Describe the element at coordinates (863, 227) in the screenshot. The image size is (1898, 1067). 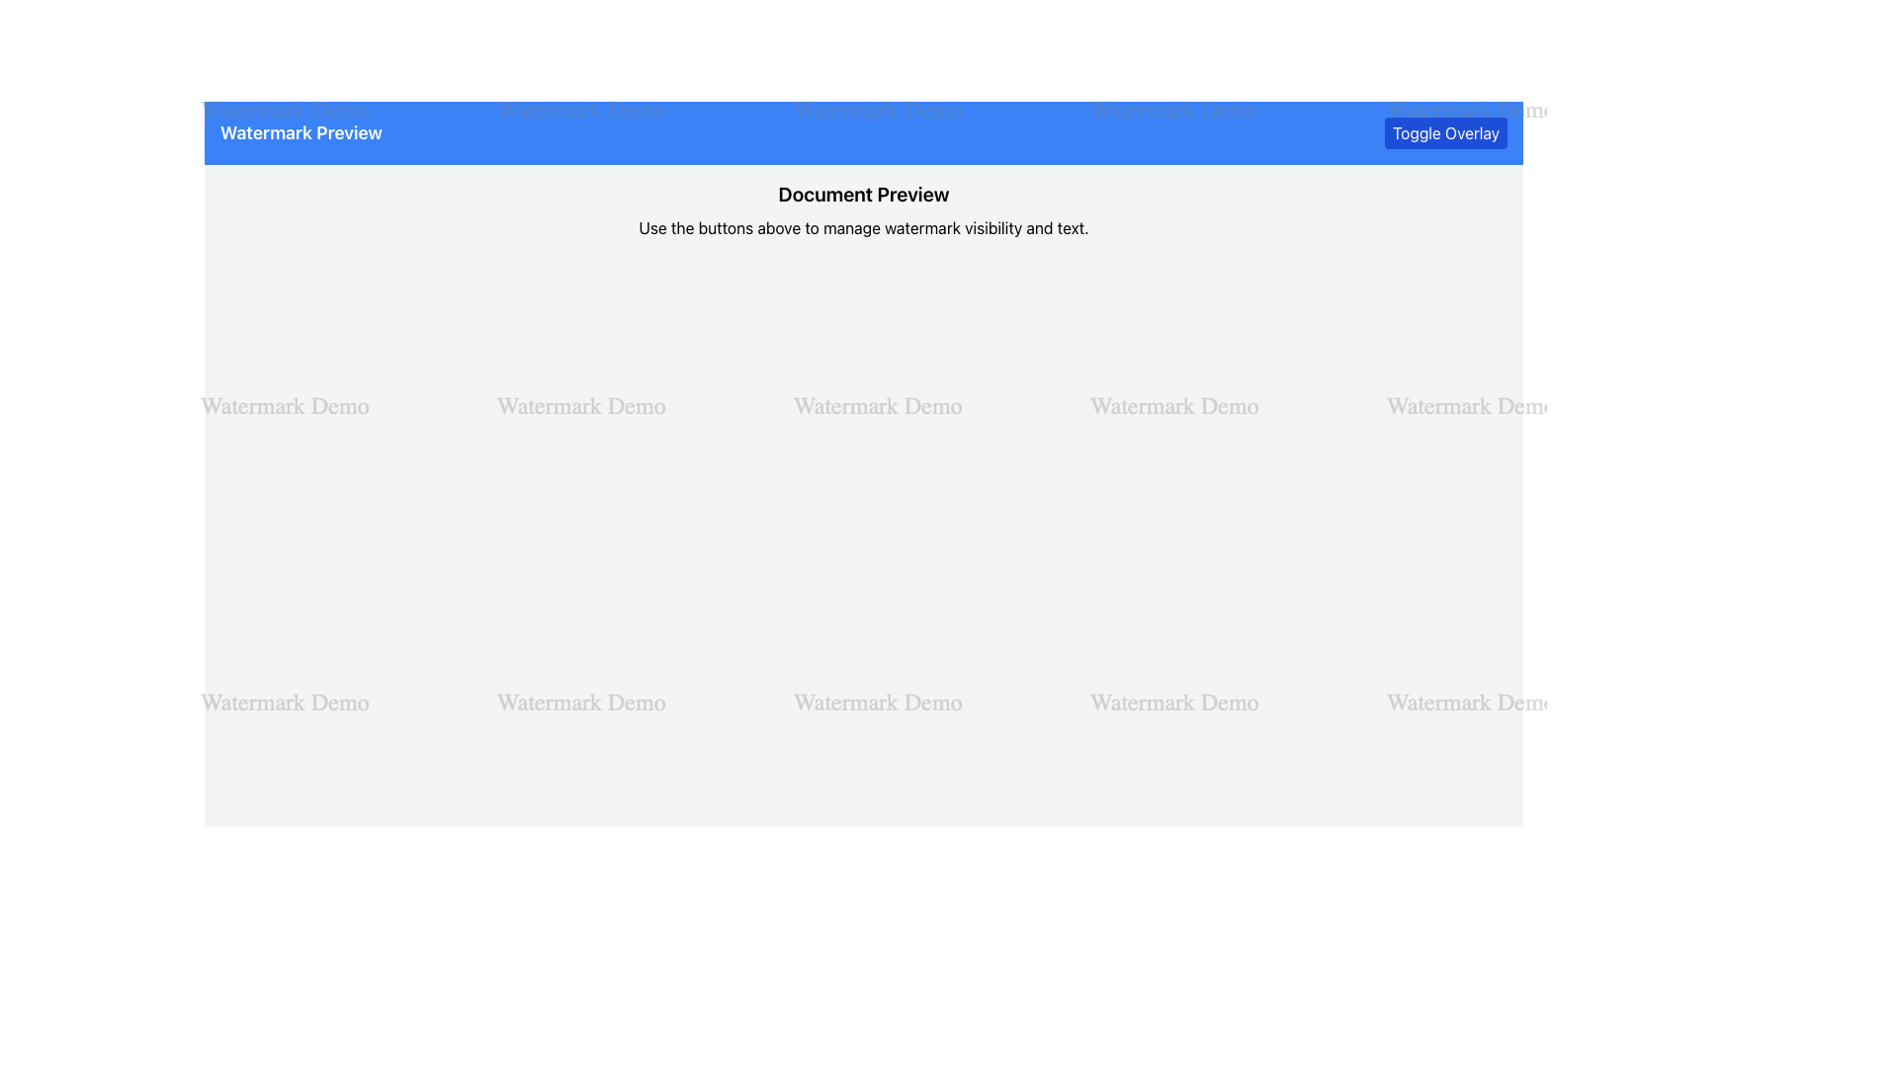
I see `the static text label that provides instructions or context to the user, located immediately below the 'Document Preview' title` at that location.